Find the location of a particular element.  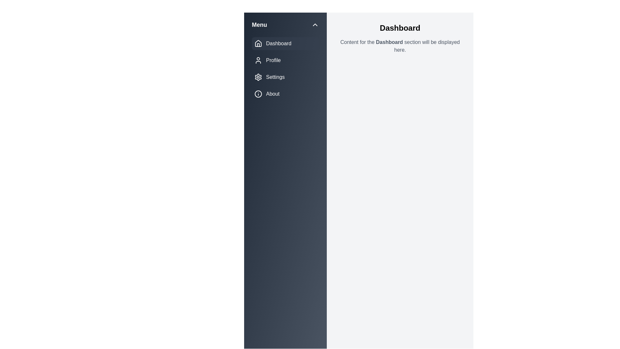

text content of the 'Dashboard' navigation label located in the left-hand sidebar, immediately to the right of the house icon is located at coordinates (279, 44).